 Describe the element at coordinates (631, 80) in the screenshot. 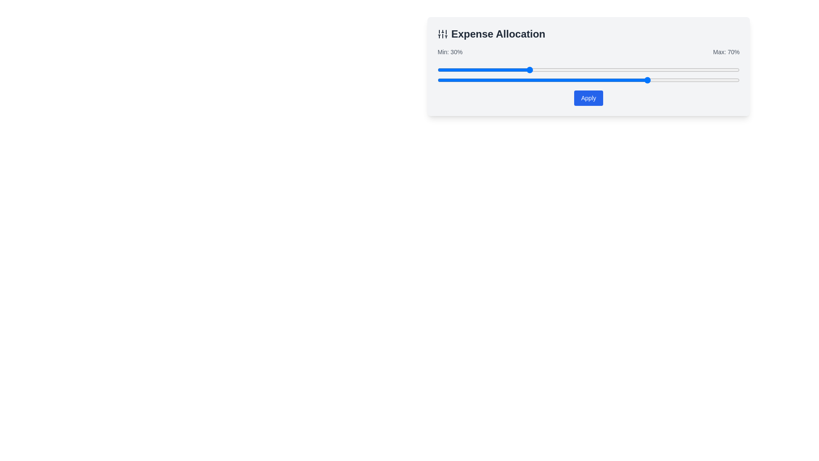

I see `the slider's value` at that location.